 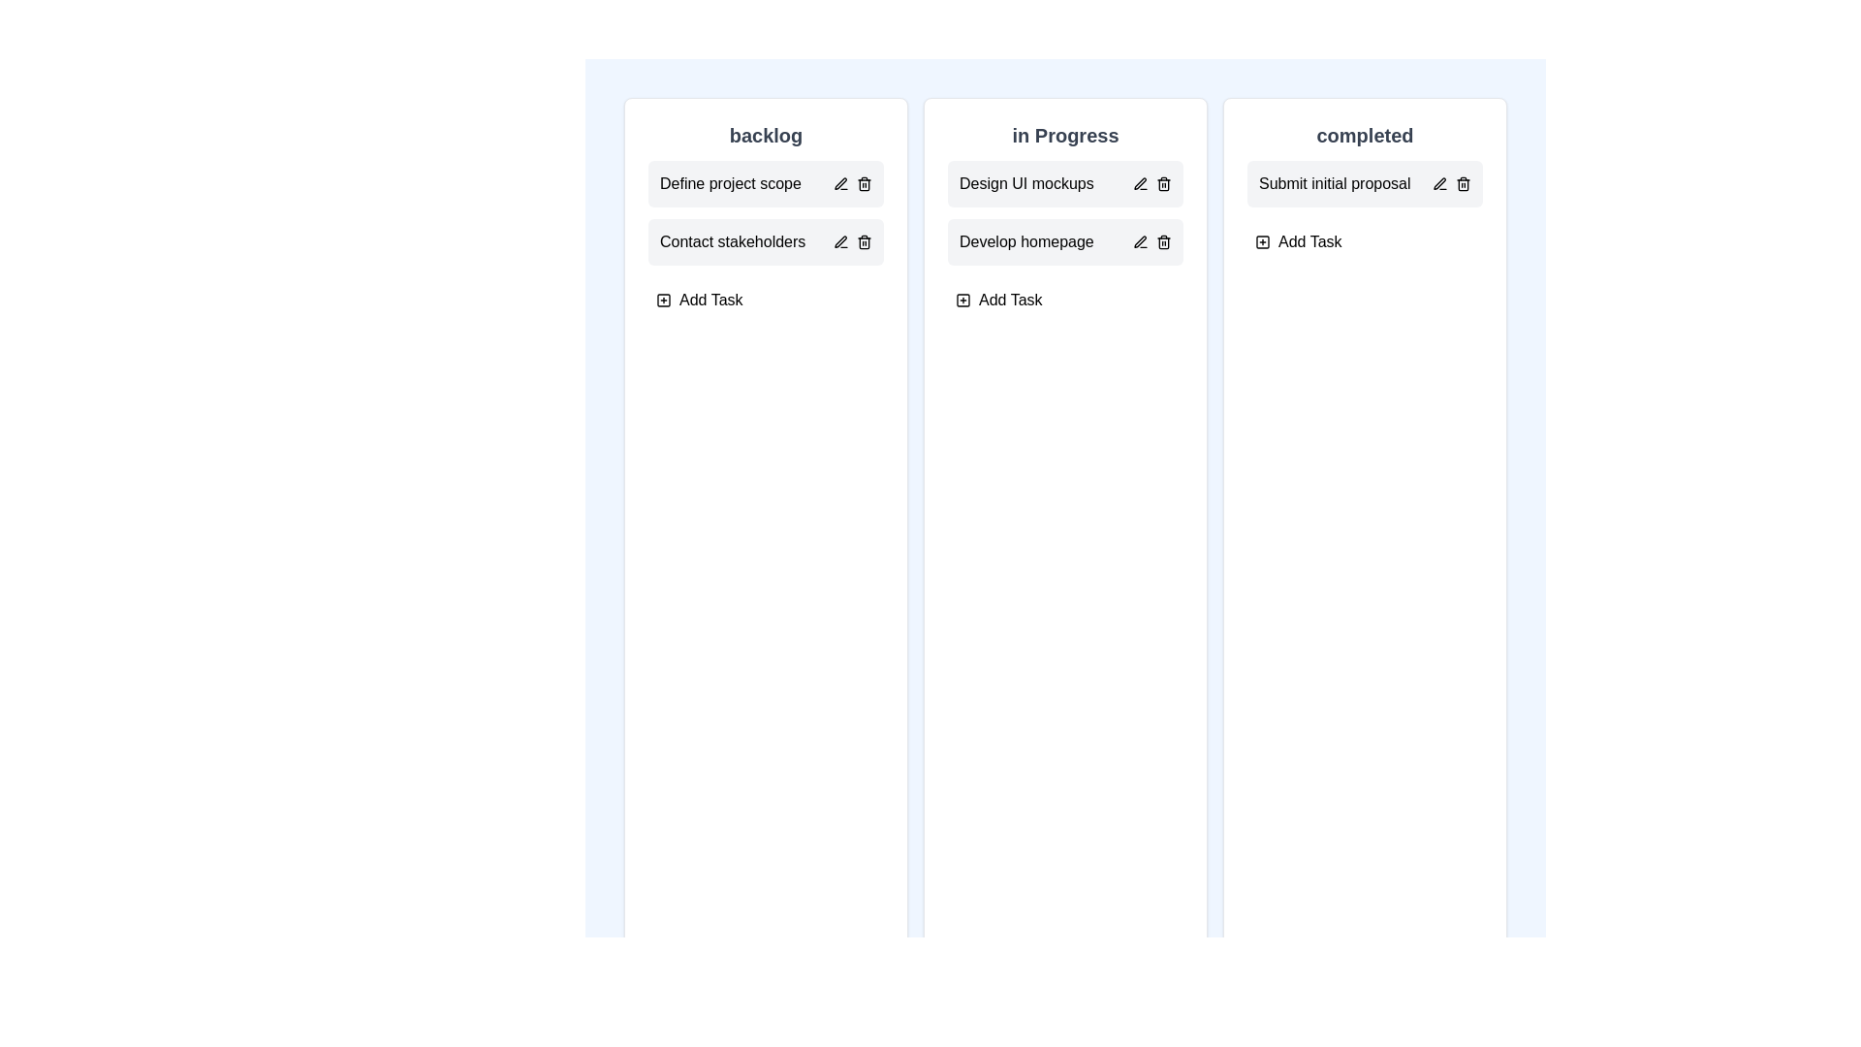 What do you see at coordinates (864, 183) in the screenshot?
I see `the delete icon next to the task 'Define project scope' in the 'backlog' column` at bounding box center [864, 183].